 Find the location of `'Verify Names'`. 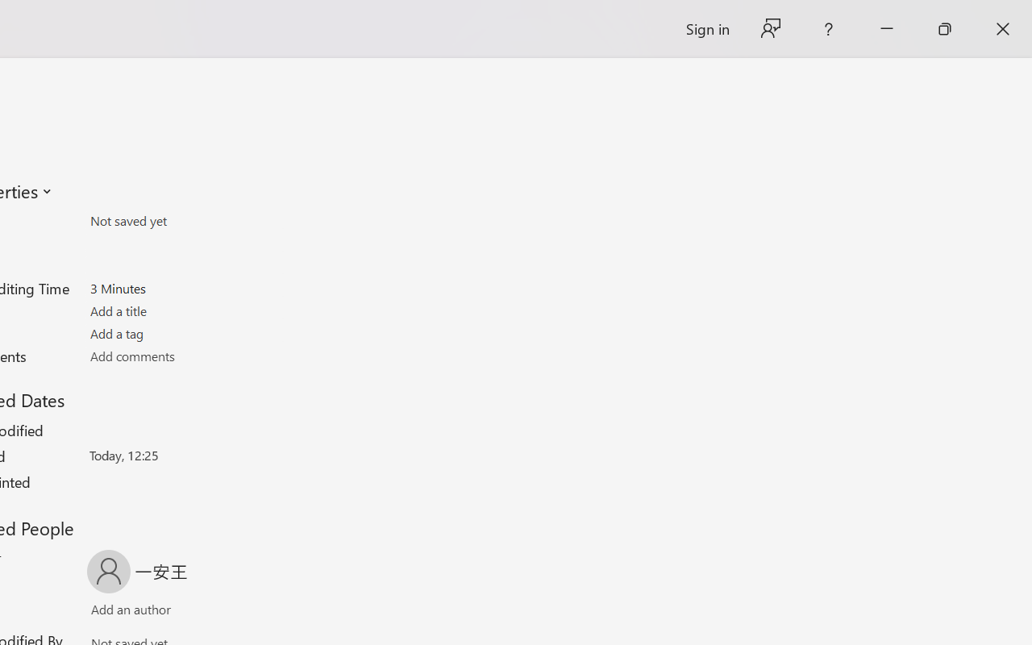

'Verify Names' is located at coordinates (159, 613).